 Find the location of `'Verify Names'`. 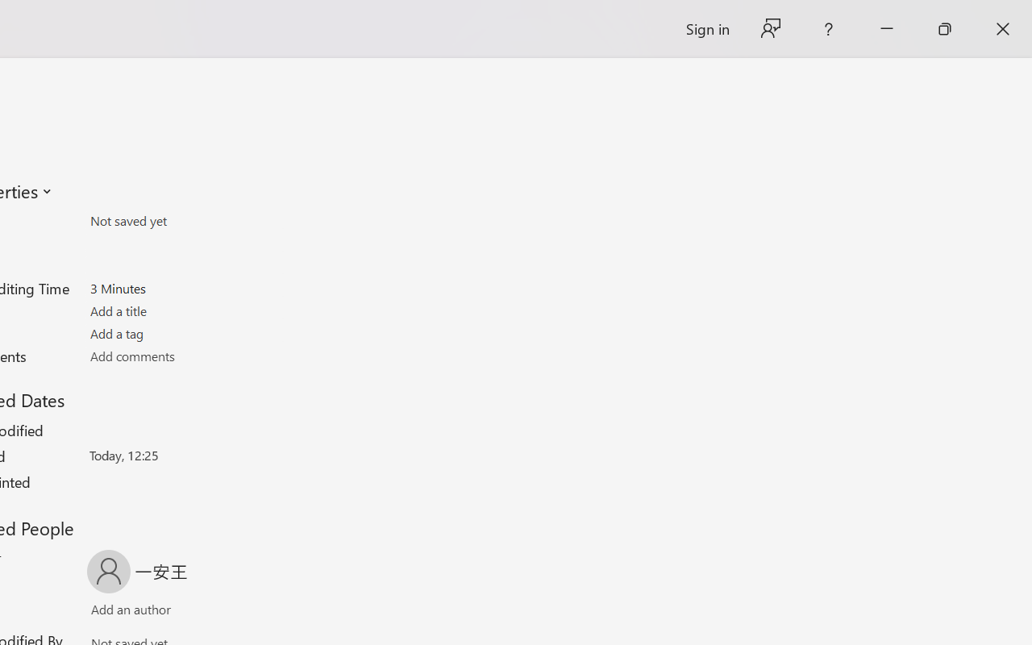

'Verify Names' is located at coordinates (159, 613).